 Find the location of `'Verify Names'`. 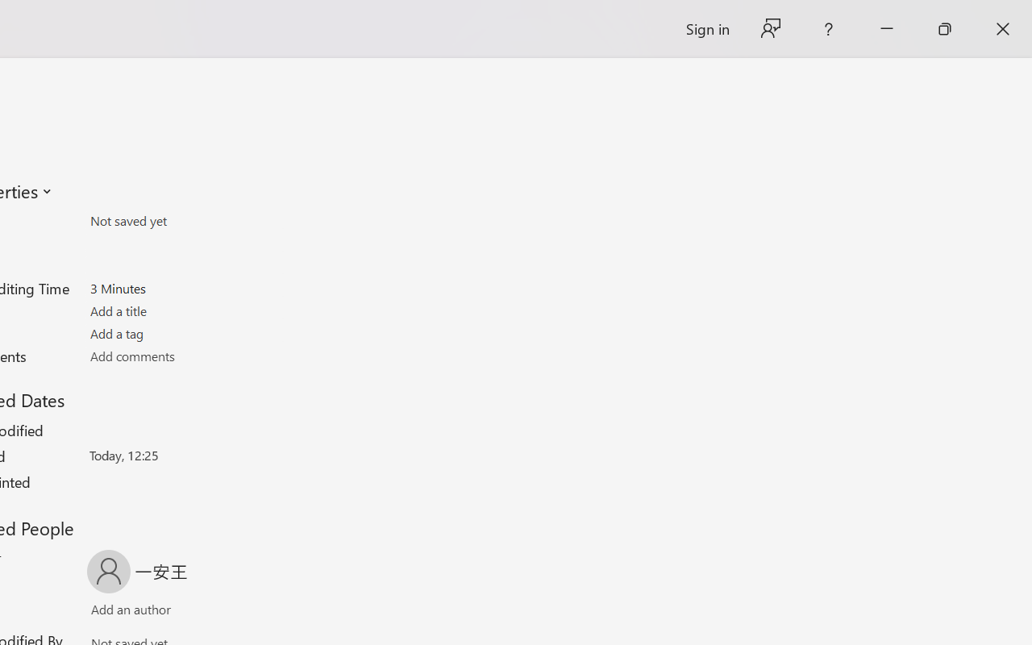

'Verify Names' is located at coordinates (159, 613).